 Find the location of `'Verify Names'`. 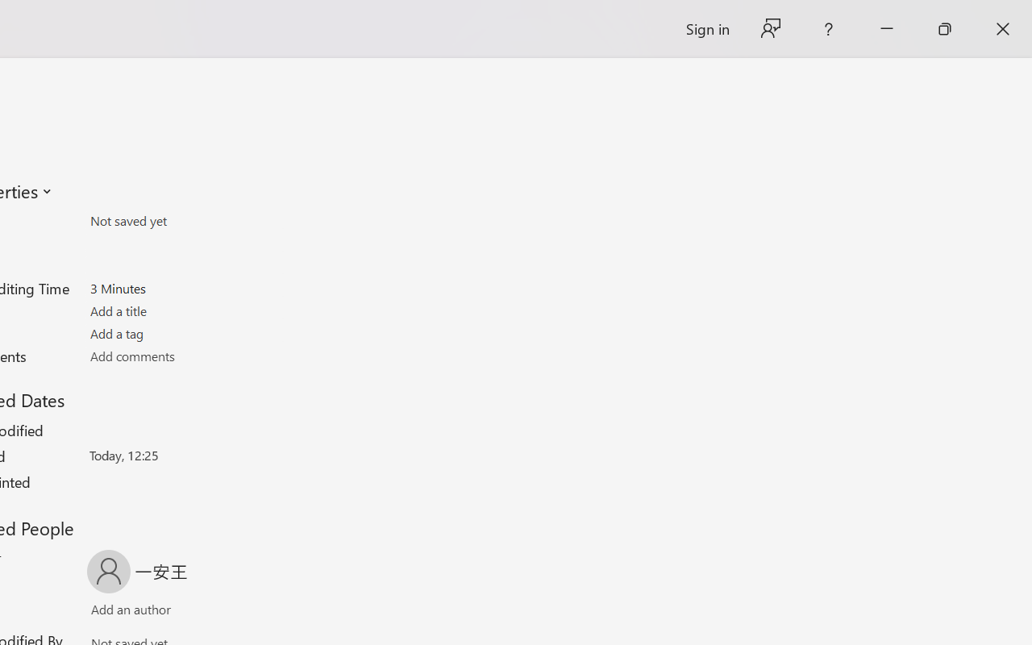

'Verify Names' is located at coordinates (159, 613).